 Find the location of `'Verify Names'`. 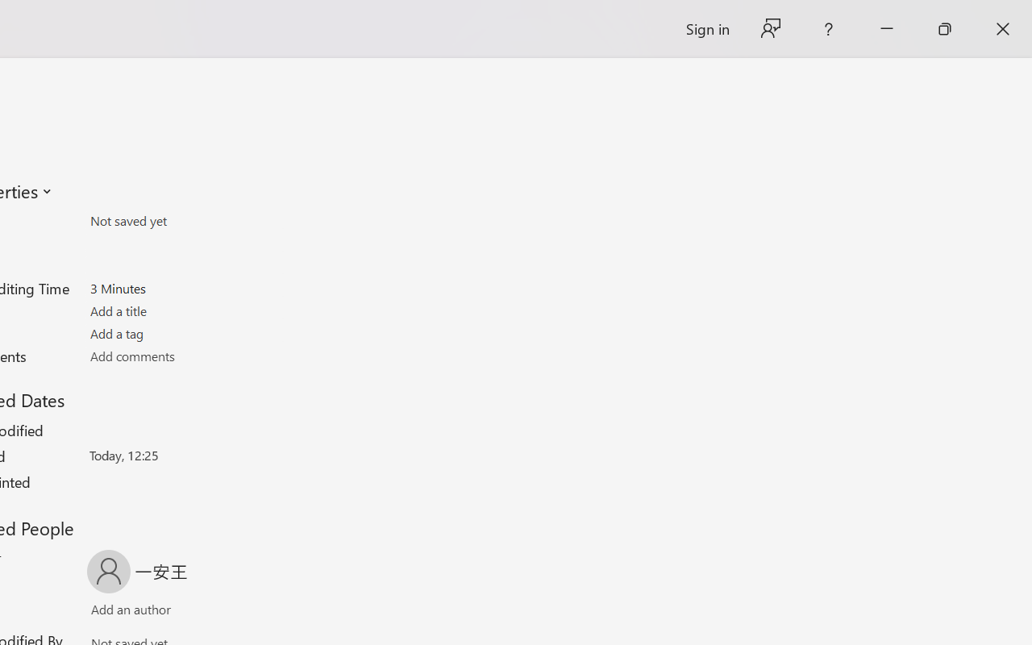

'Verify Names' is located at coordinates (159, 613).